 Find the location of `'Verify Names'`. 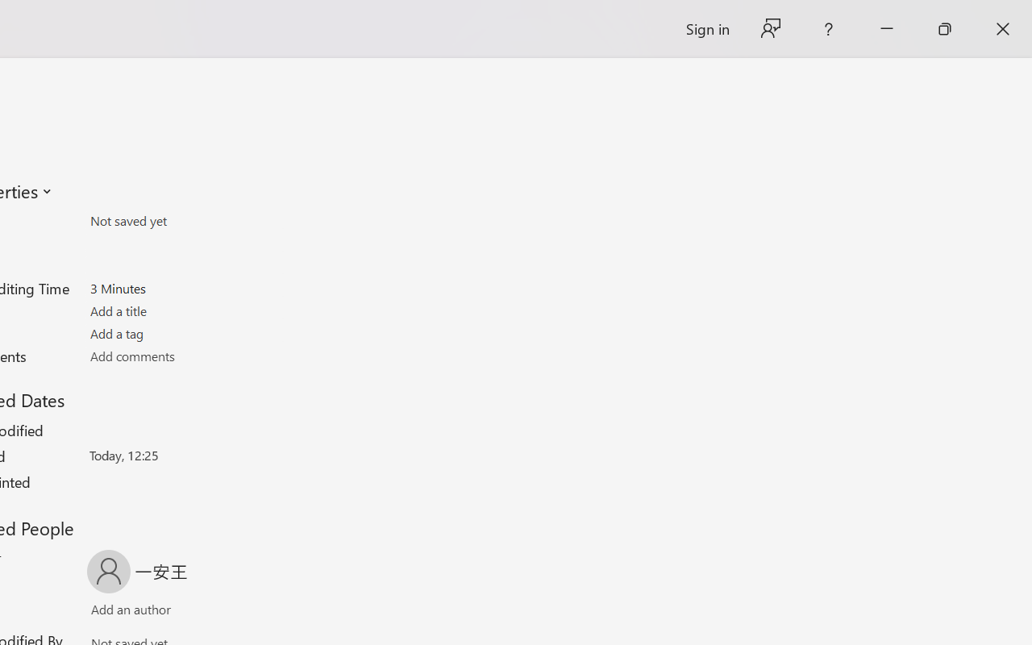

'Verify Names' is located at coordinates (159, 613).